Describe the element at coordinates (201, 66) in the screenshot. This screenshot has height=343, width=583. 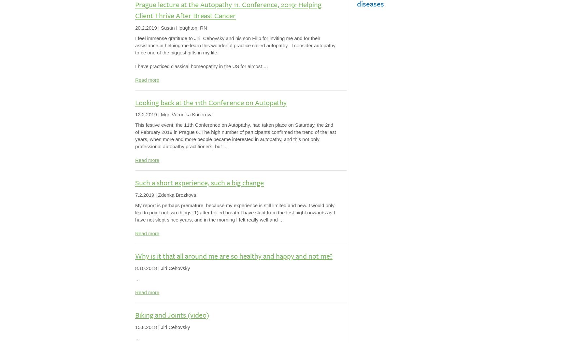
I see `'I have practiced
classical homeopathy in the US for almost …'` at that location.